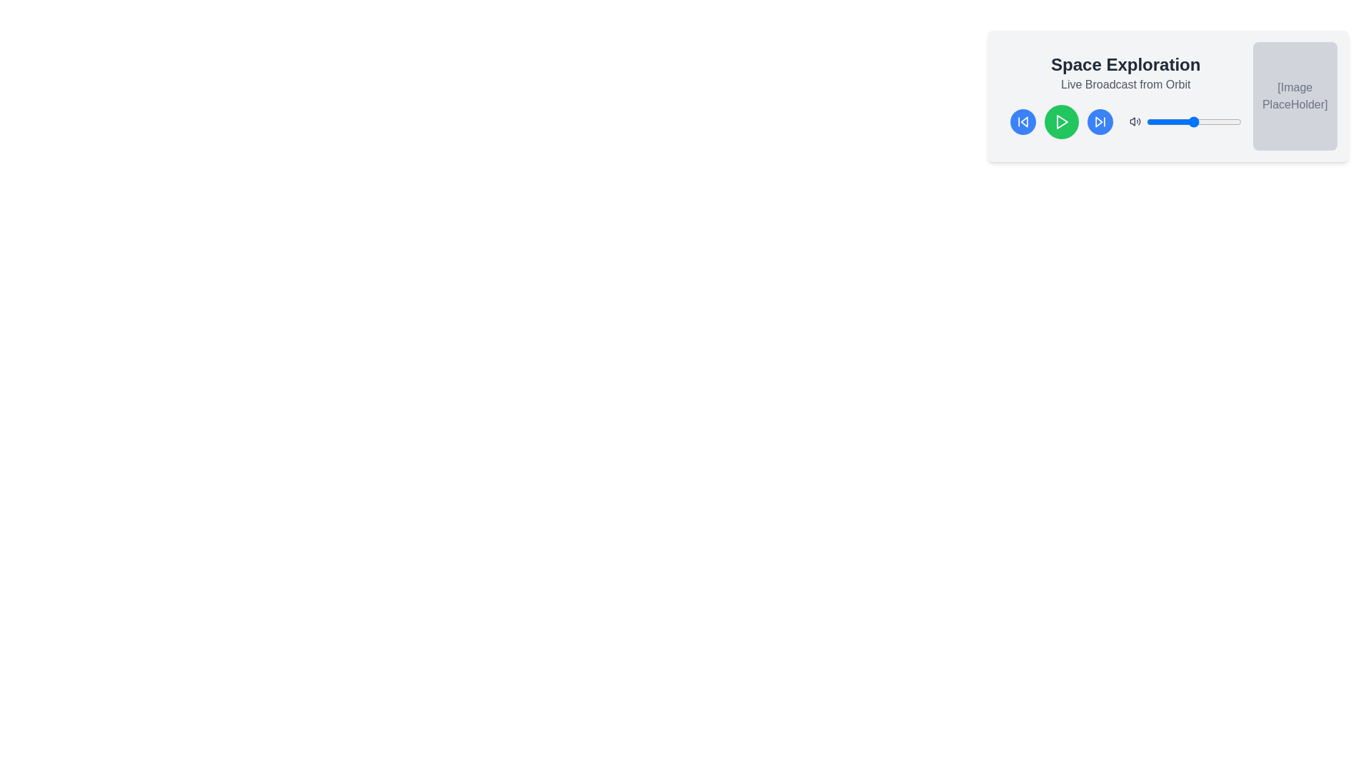  Describe the element at coordinates (1023, 121) in the screenshot. I see `the backward skip button located in the top right section of the interface, positioned directly to the left of the green play button` at that location.